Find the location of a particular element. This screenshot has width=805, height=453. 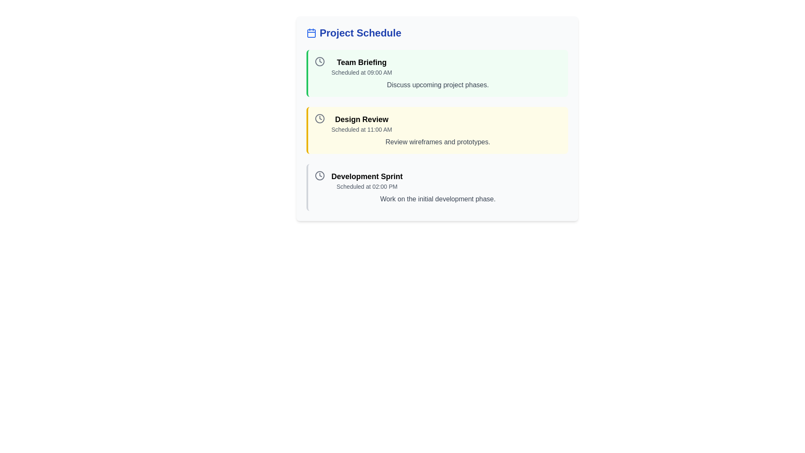

displayed information from the first informational block about the 'Development Sprint' located in the lower section of the 'Project Schedule' list is located at coordinates (437, 180).